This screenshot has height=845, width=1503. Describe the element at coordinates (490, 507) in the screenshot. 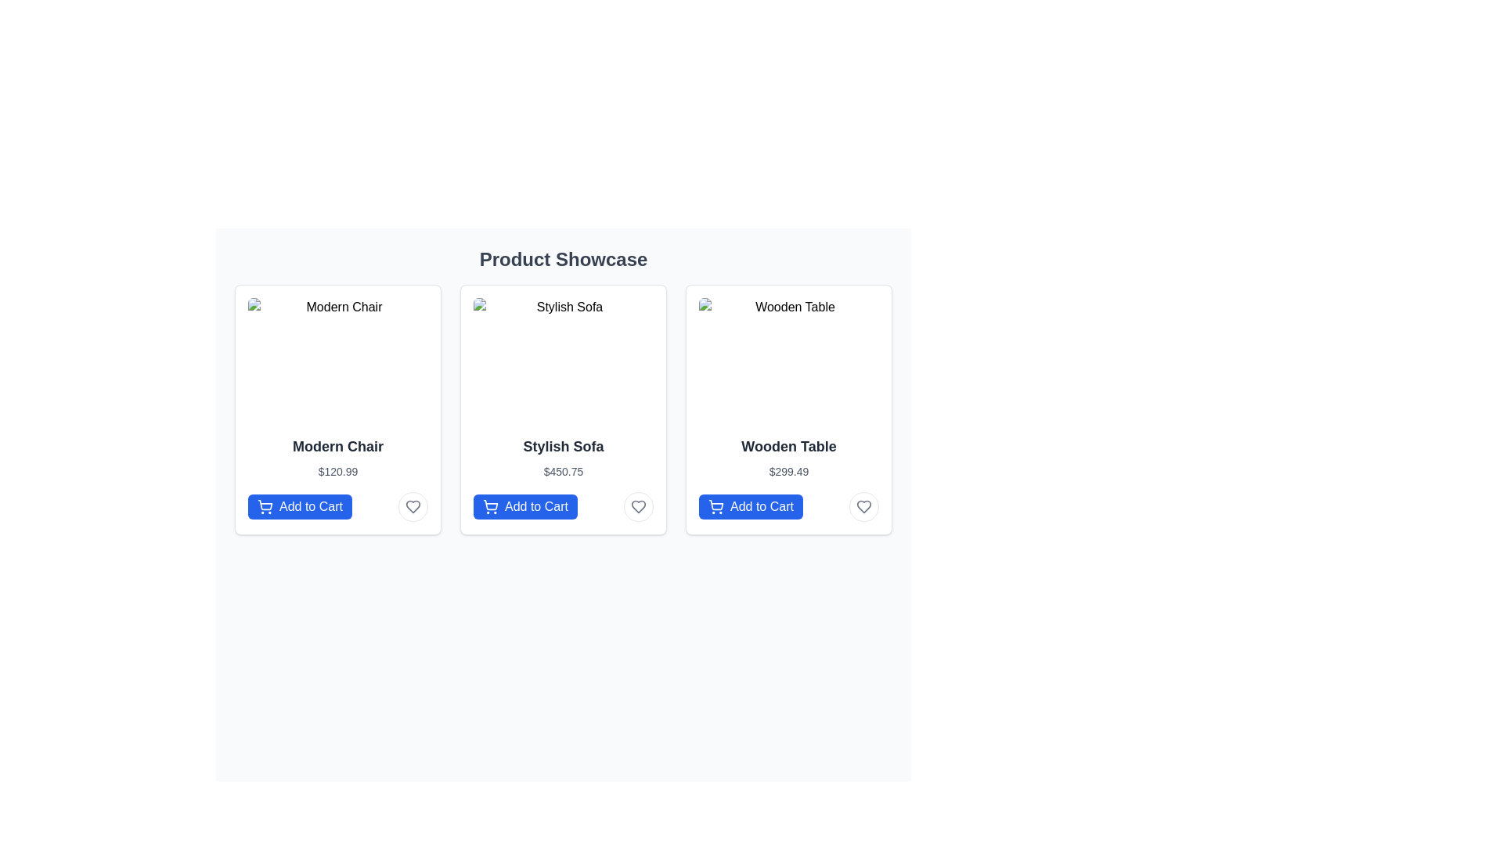

I see `the 'Add to Cart' button that features a shopping cart icon with a white outline on a blue background, located below the 'Stylish Sofa' product description` at that location.